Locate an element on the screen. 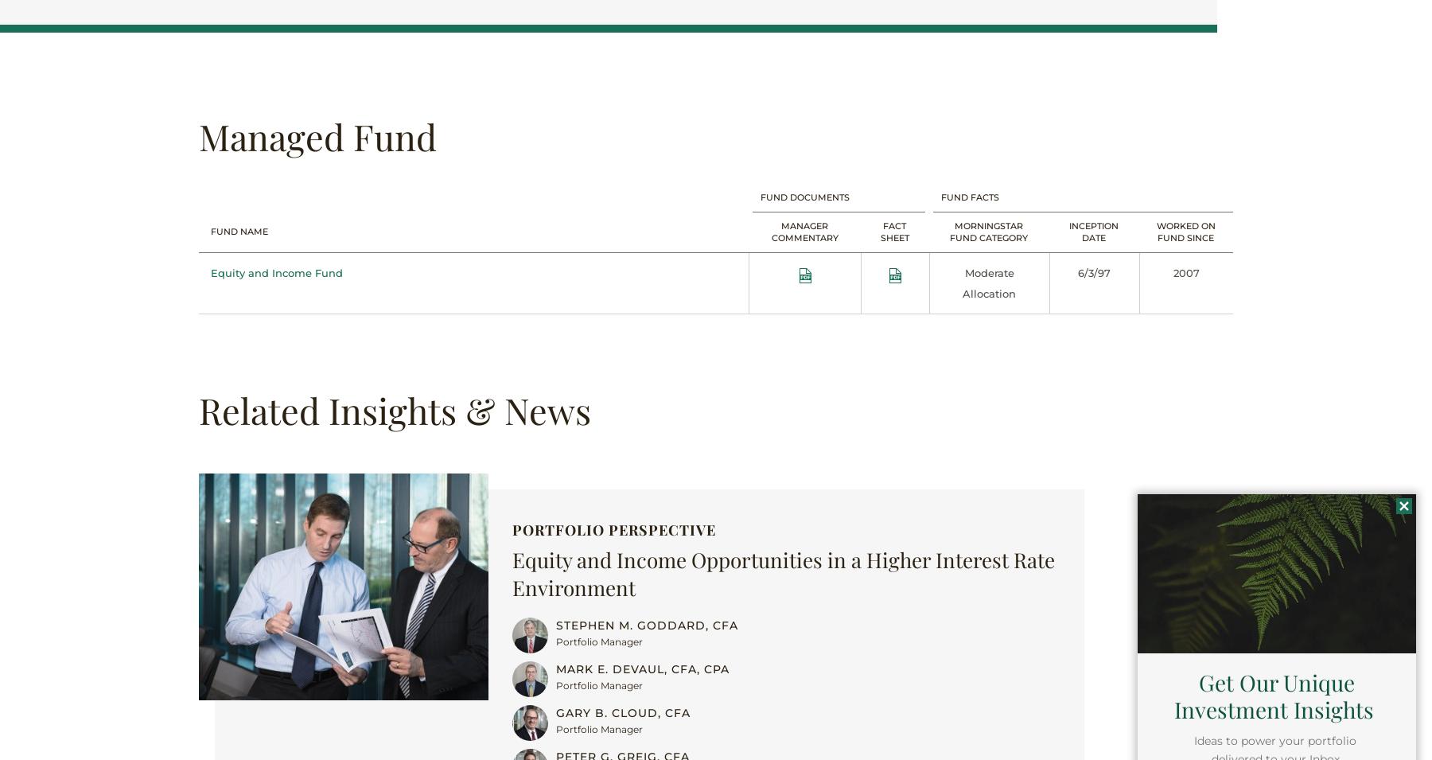 Image resolution: width=1432 pixels, height=760 pixels. 'Managed Fund' is located at coordinates (317, 134).